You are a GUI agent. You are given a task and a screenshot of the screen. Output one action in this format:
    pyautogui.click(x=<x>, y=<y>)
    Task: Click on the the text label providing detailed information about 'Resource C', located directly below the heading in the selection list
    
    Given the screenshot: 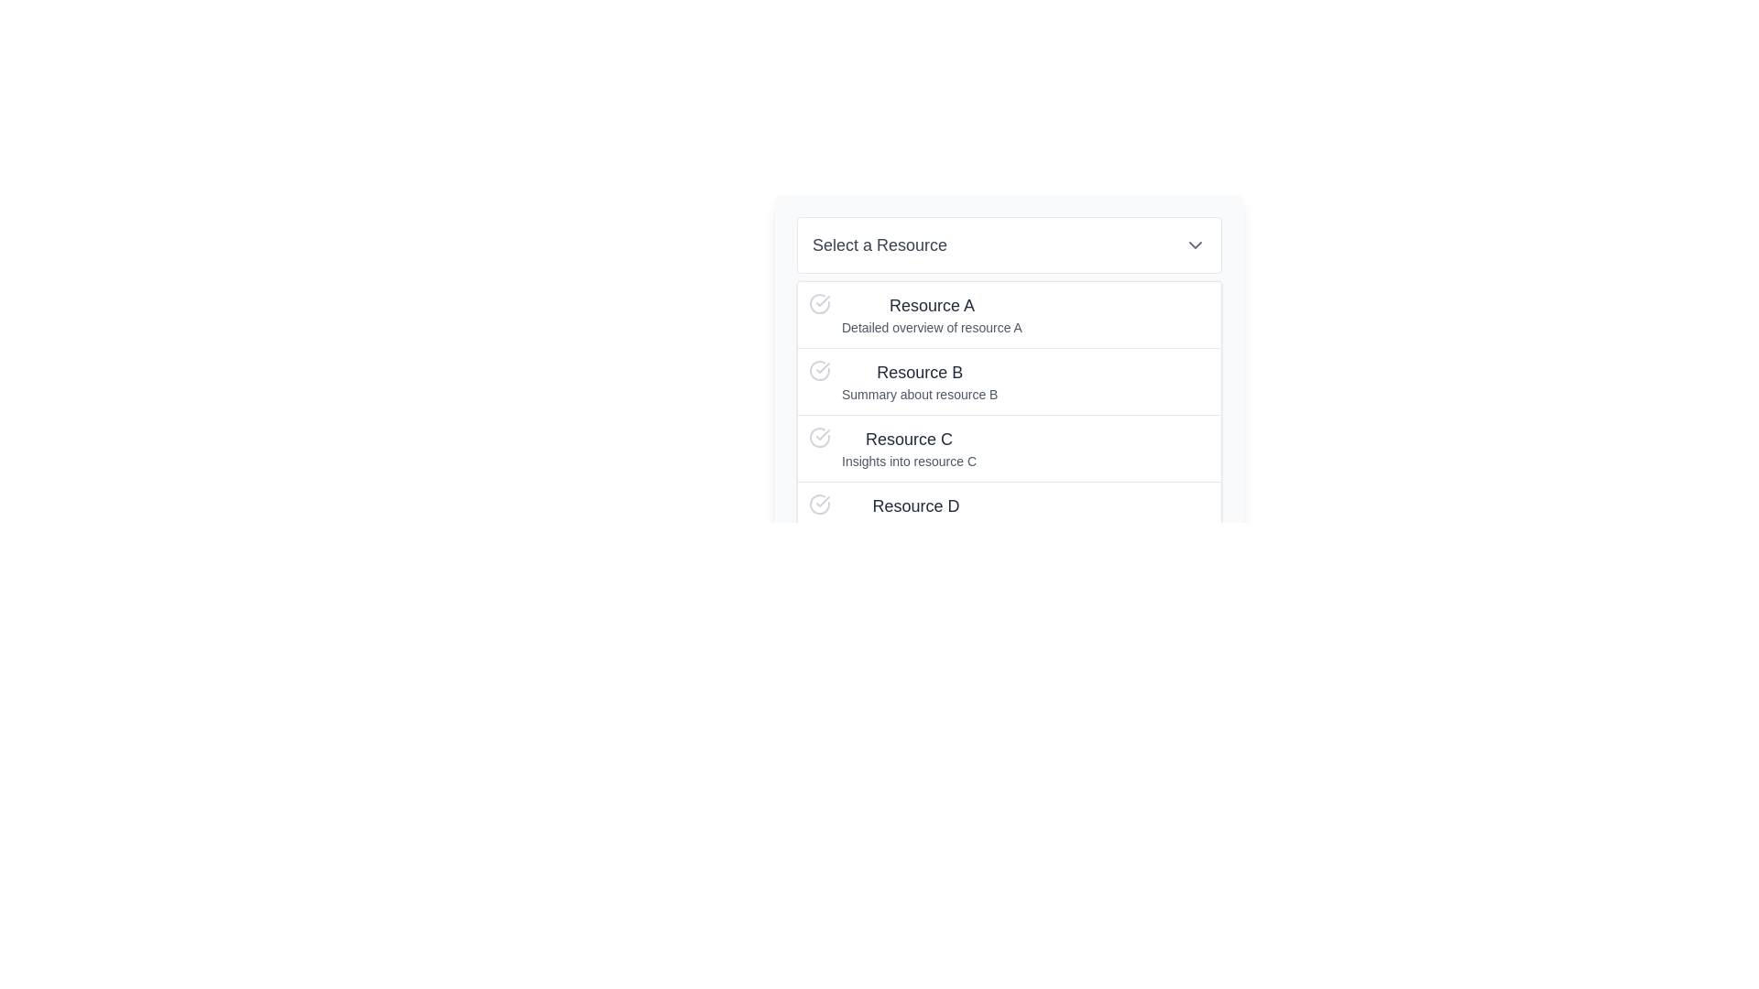 What is the action you would take?
    pyautogui.click(x=909, y=461)
    